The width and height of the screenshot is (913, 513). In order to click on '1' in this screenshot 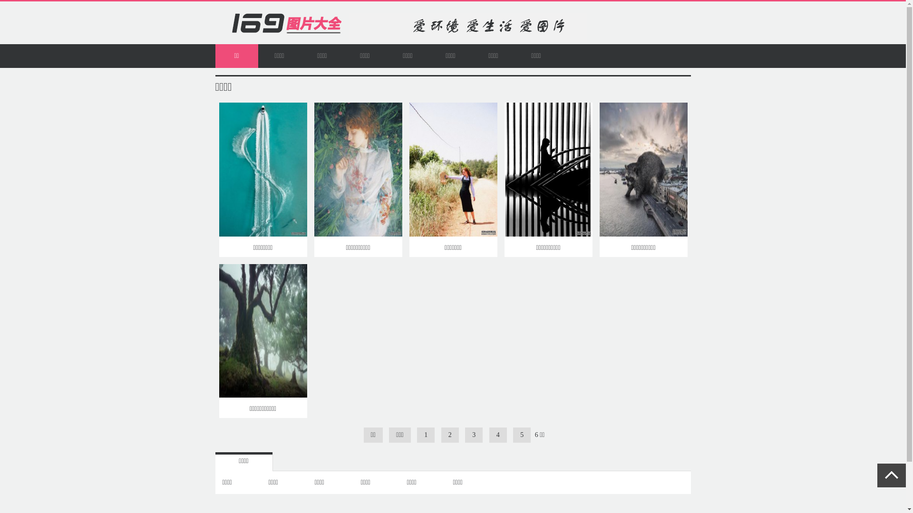, I will do `click(425, 435)`.